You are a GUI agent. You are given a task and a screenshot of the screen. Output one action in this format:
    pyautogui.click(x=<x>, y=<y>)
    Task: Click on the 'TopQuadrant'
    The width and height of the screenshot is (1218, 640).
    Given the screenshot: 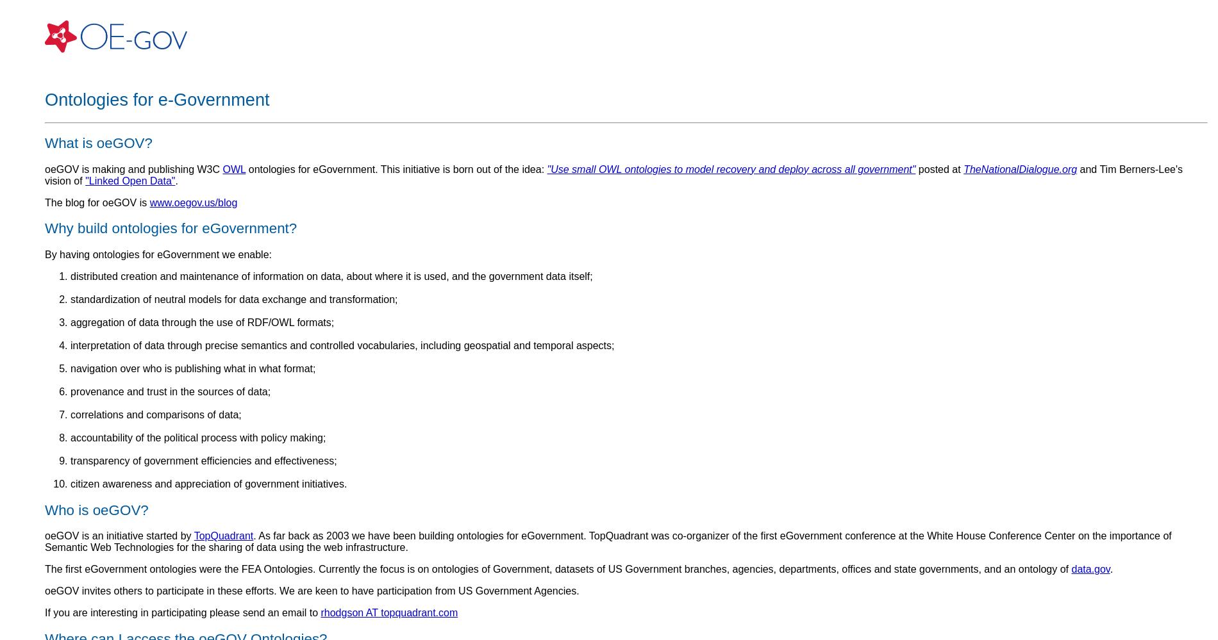 What is the action you would take?
    pyautogui.click(x=222, y=535)
    